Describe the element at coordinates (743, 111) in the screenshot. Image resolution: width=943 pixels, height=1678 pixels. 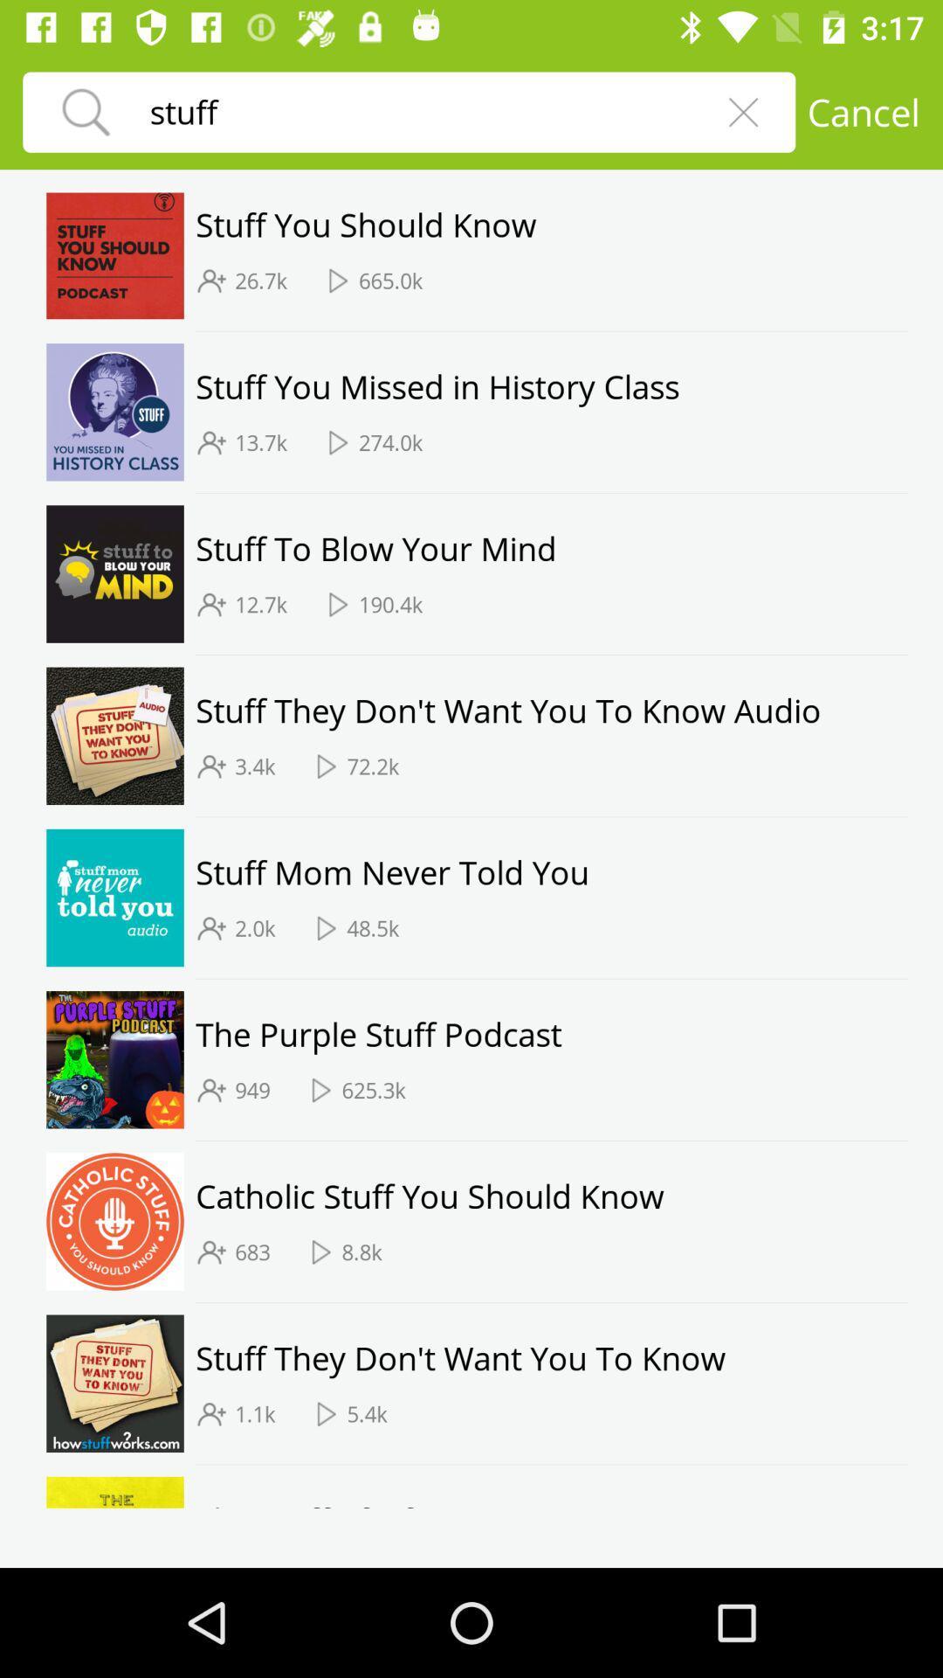
I see `the close icon` at that location.